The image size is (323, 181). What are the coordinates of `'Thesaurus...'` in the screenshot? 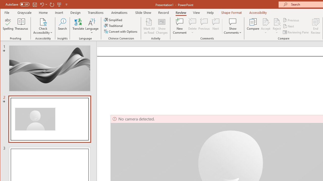 It's located at (21, 26).